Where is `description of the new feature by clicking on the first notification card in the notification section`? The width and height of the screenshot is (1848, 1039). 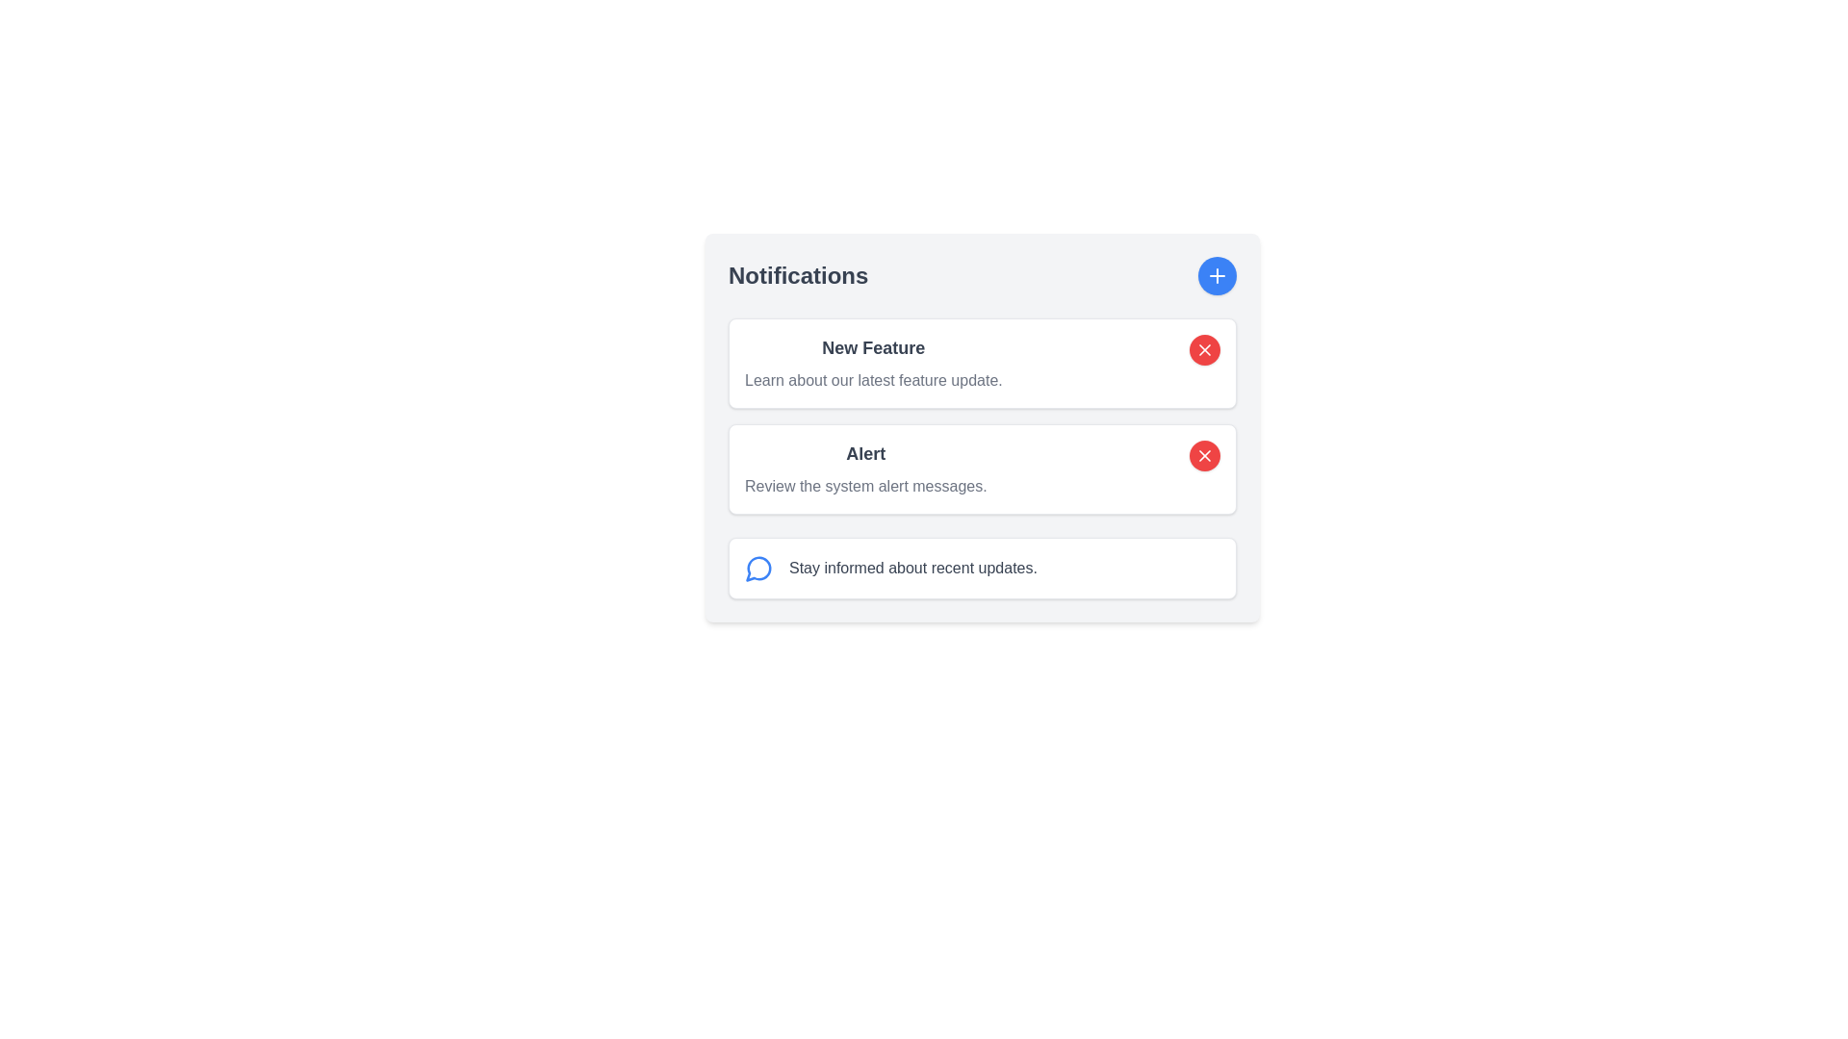
description of the new feature by clicking on the first notification card in the notification section is located at coordinates (983, 364).